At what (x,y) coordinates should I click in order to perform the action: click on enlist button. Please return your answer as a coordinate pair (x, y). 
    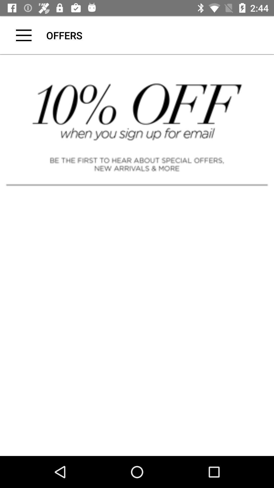
    Looking at the image, I should click on (24, 35).